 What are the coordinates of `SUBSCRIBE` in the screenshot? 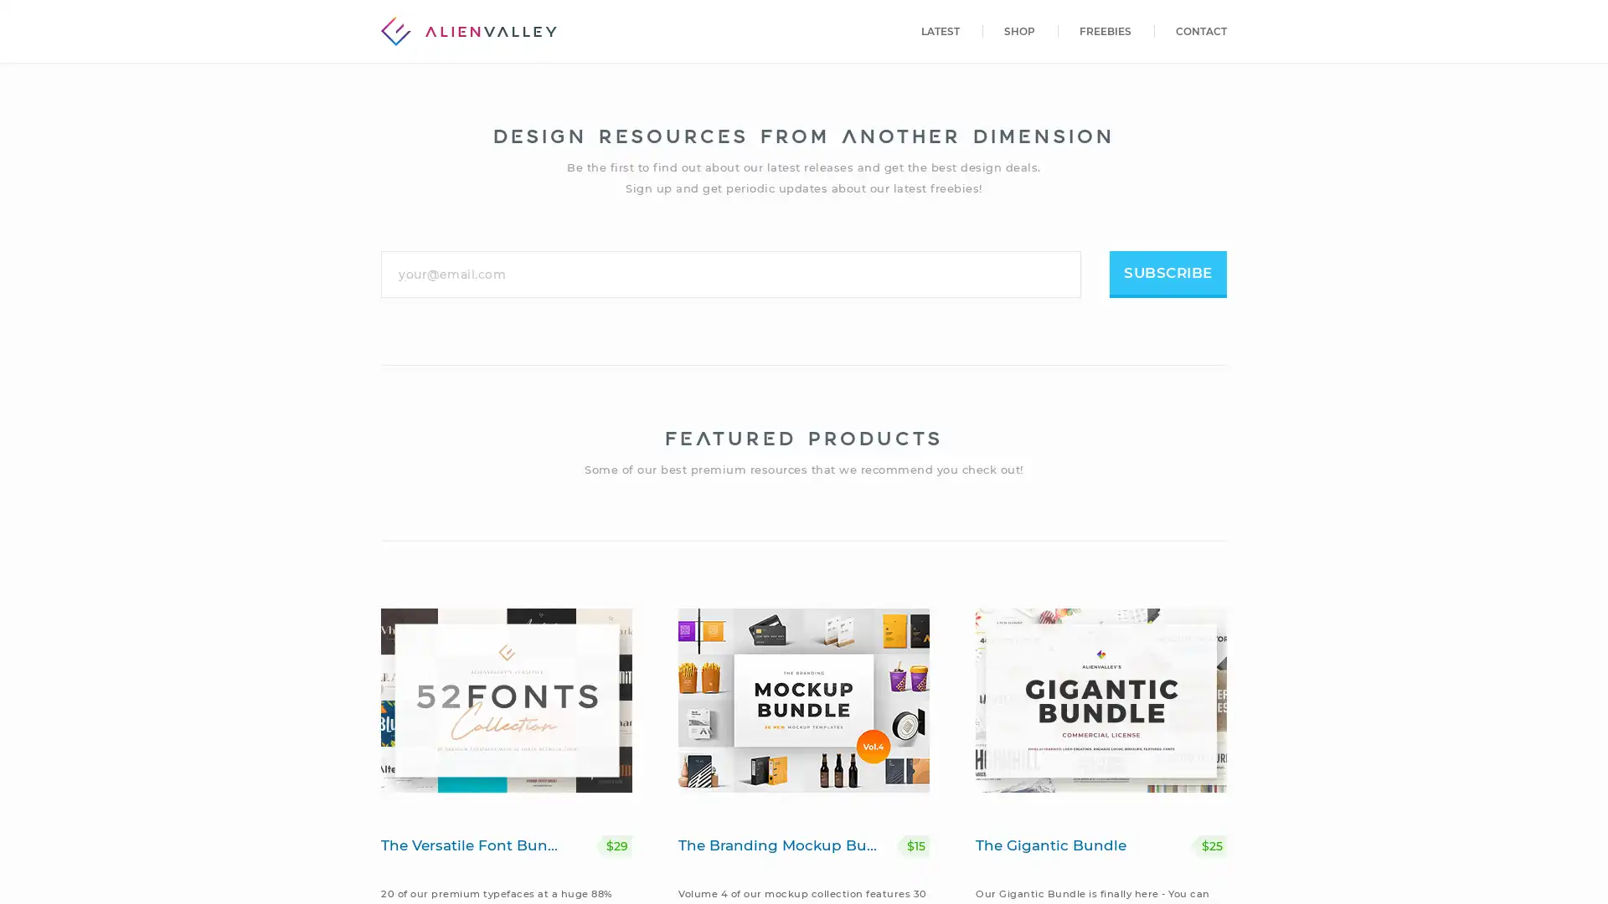 It's located at (1167, 273).